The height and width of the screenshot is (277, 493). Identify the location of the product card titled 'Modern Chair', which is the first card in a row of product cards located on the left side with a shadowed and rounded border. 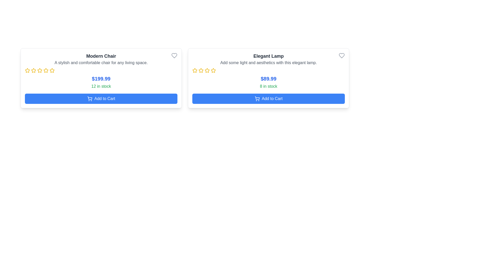
(101, 78).